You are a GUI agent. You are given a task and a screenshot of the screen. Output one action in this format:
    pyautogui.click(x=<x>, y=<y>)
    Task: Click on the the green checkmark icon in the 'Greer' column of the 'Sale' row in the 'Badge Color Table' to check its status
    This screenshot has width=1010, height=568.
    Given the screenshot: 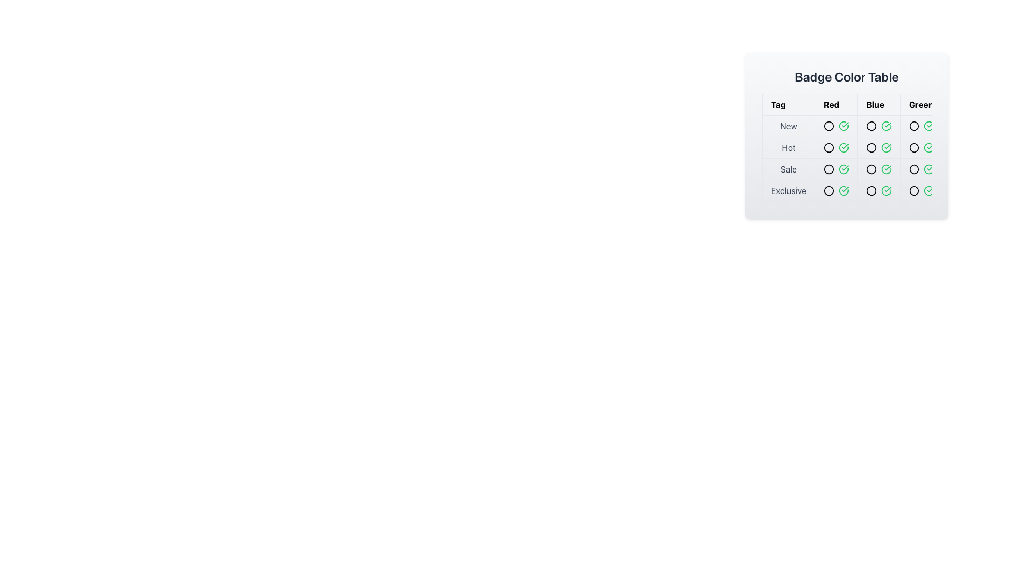 What is the action you would take?
    pyautogui.click(x=885, y=168)
    